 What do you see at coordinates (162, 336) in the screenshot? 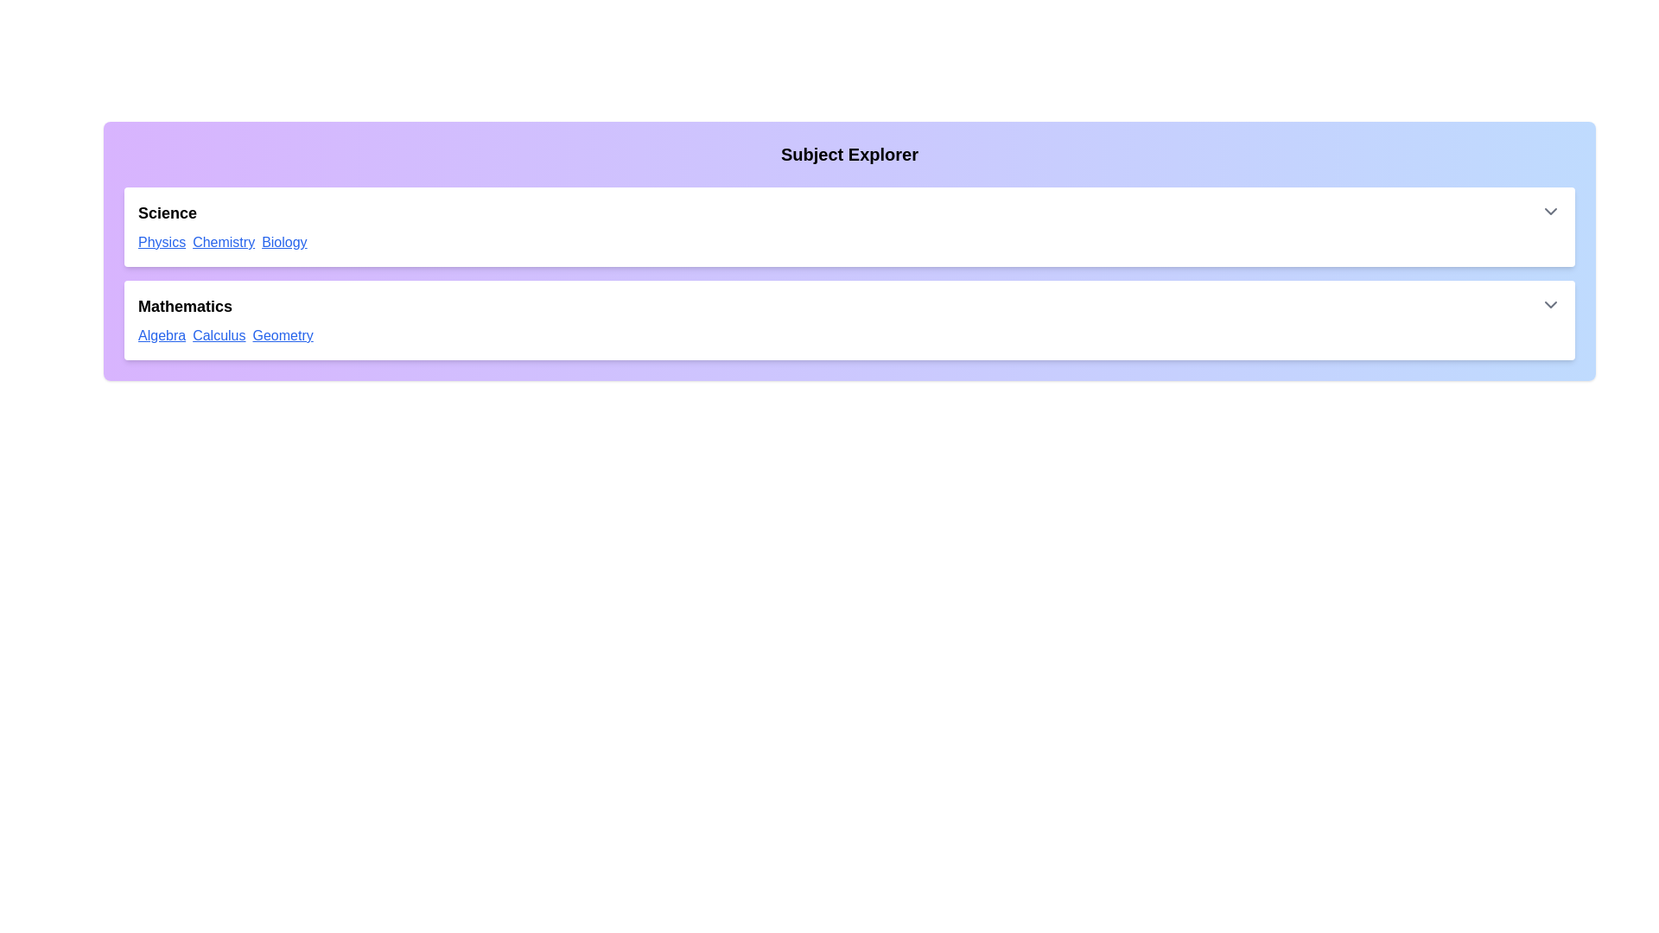
I see `the link with the text 'Algebra' to navigate` at bounding box center [162, 336].